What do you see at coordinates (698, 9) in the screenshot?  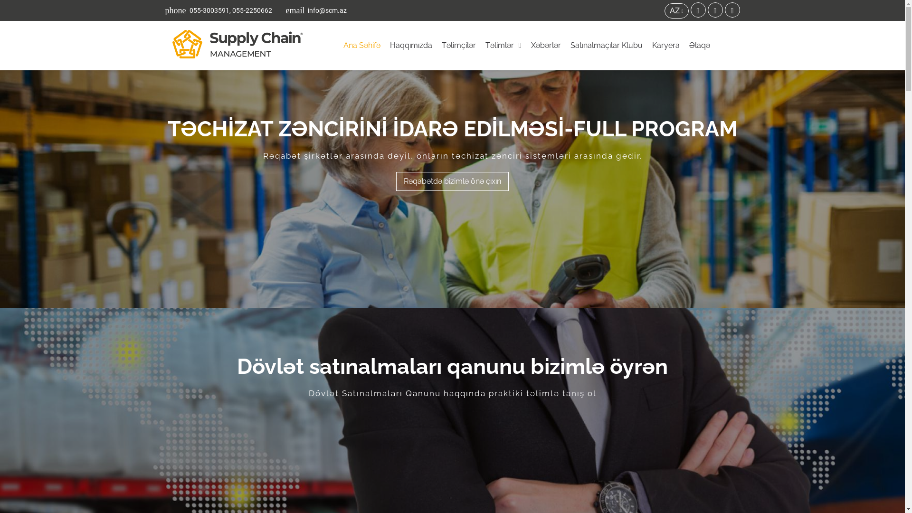 I see `'Facebook'` at bounding box center [698, 9].